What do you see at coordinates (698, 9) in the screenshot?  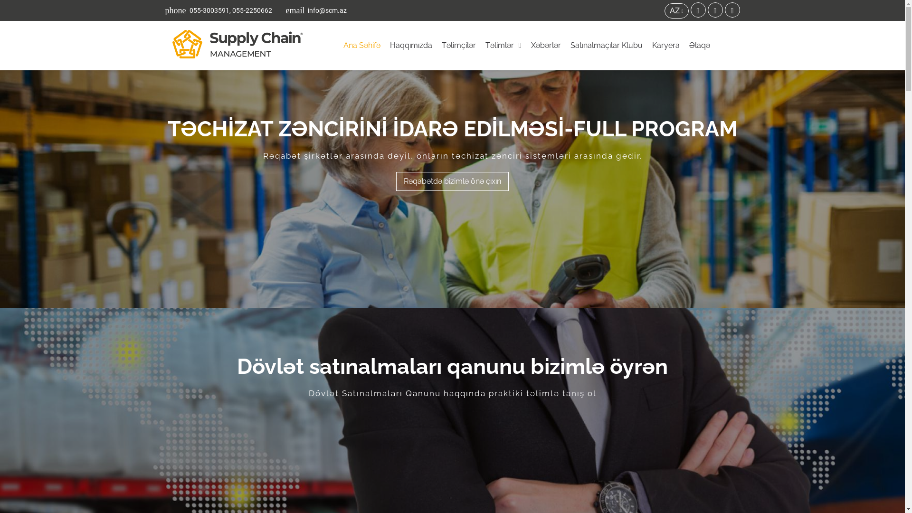 I see `'Facebook'` at bounding box center [698, 9].